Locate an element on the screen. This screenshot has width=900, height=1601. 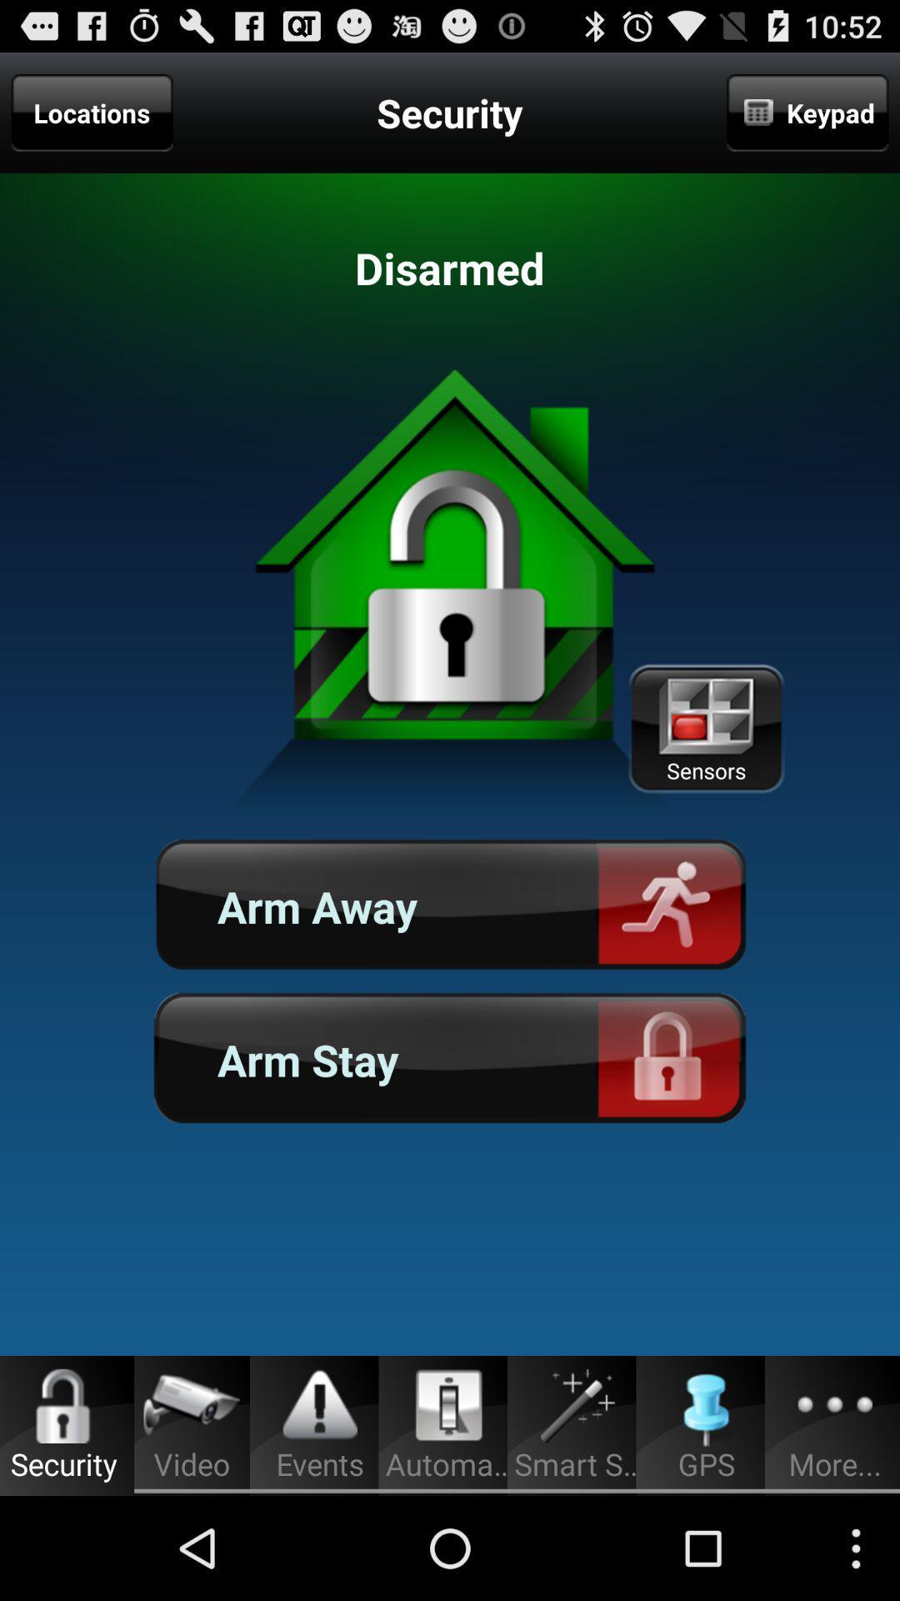
the sensors on the right is located at coordinates (706, 729).